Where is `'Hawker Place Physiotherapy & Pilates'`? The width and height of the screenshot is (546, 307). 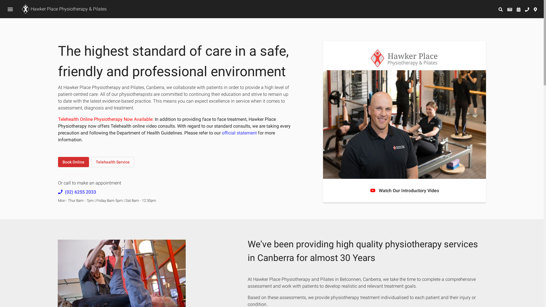 'Hawker Place Physiotherapy & Pilates' is located at coordinates (63, 9).